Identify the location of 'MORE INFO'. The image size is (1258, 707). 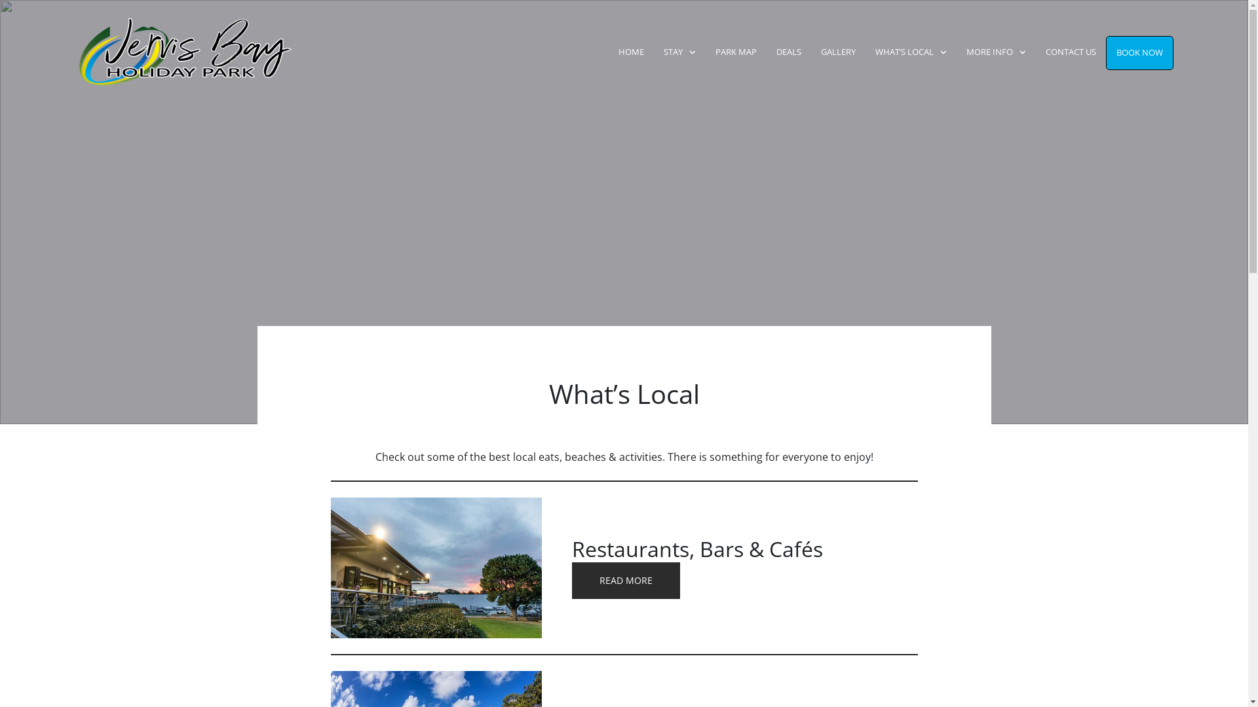
(996, 52).